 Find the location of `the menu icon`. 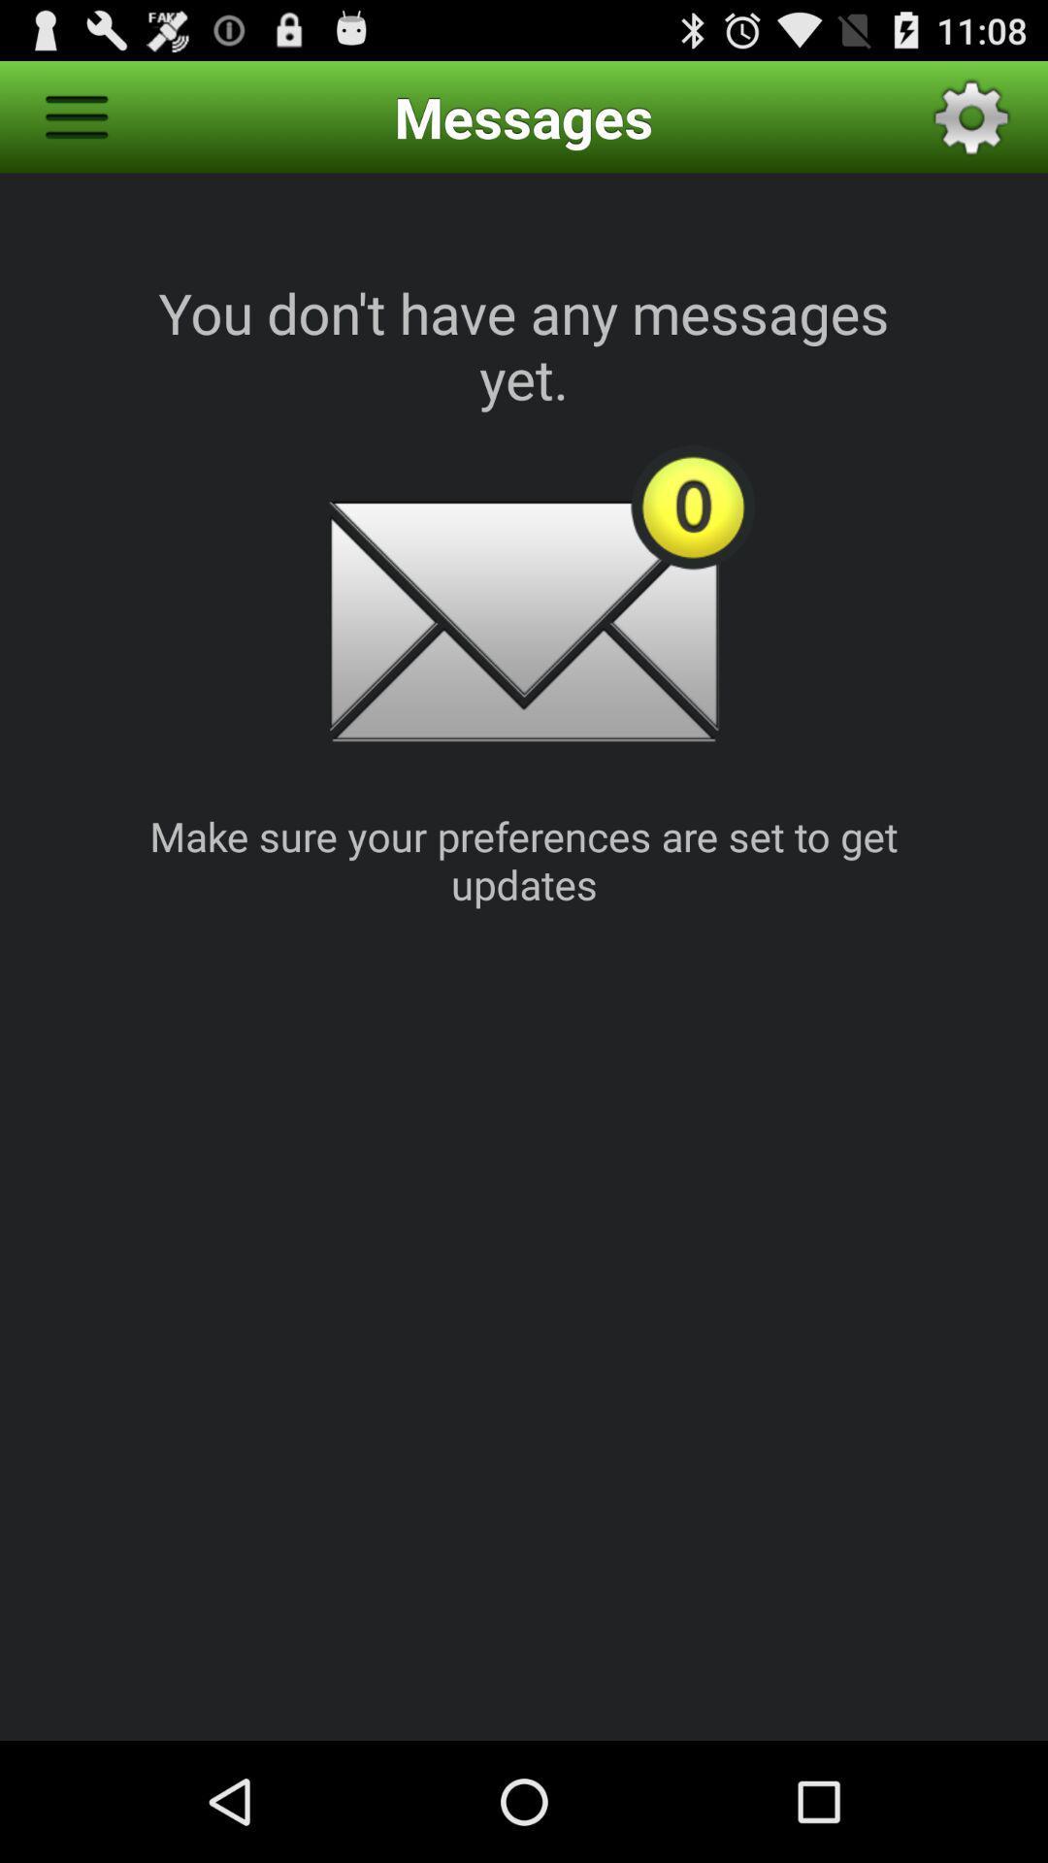

the menu icon is located at coordinates (75, 124).